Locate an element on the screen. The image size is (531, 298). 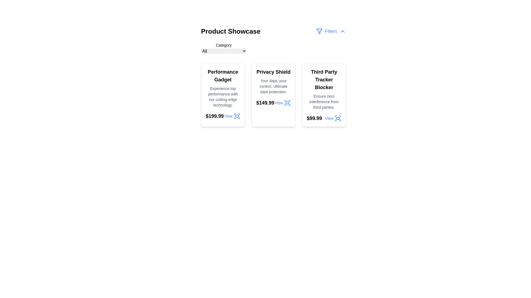
the filter icon located to the left of the 'Filters' text in the upper right section of the interface is located at coordinates (319, 31).